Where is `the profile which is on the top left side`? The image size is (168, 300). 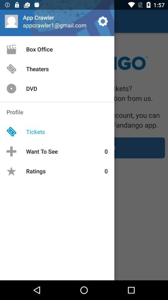 the profile which is on the top left side is located at coordinates (11, 21).